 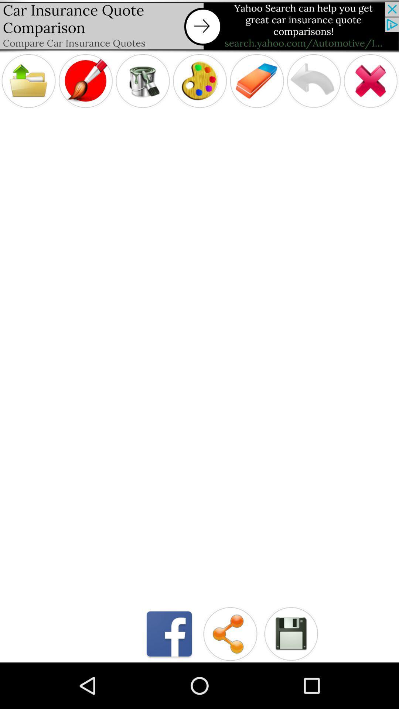 I want to click on advertising, so click(x=199, y=26).